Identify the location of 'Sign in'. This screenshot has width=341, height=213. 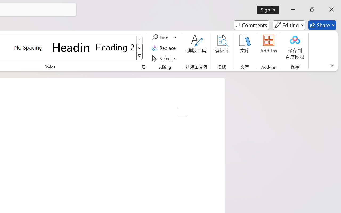
(270, 9).